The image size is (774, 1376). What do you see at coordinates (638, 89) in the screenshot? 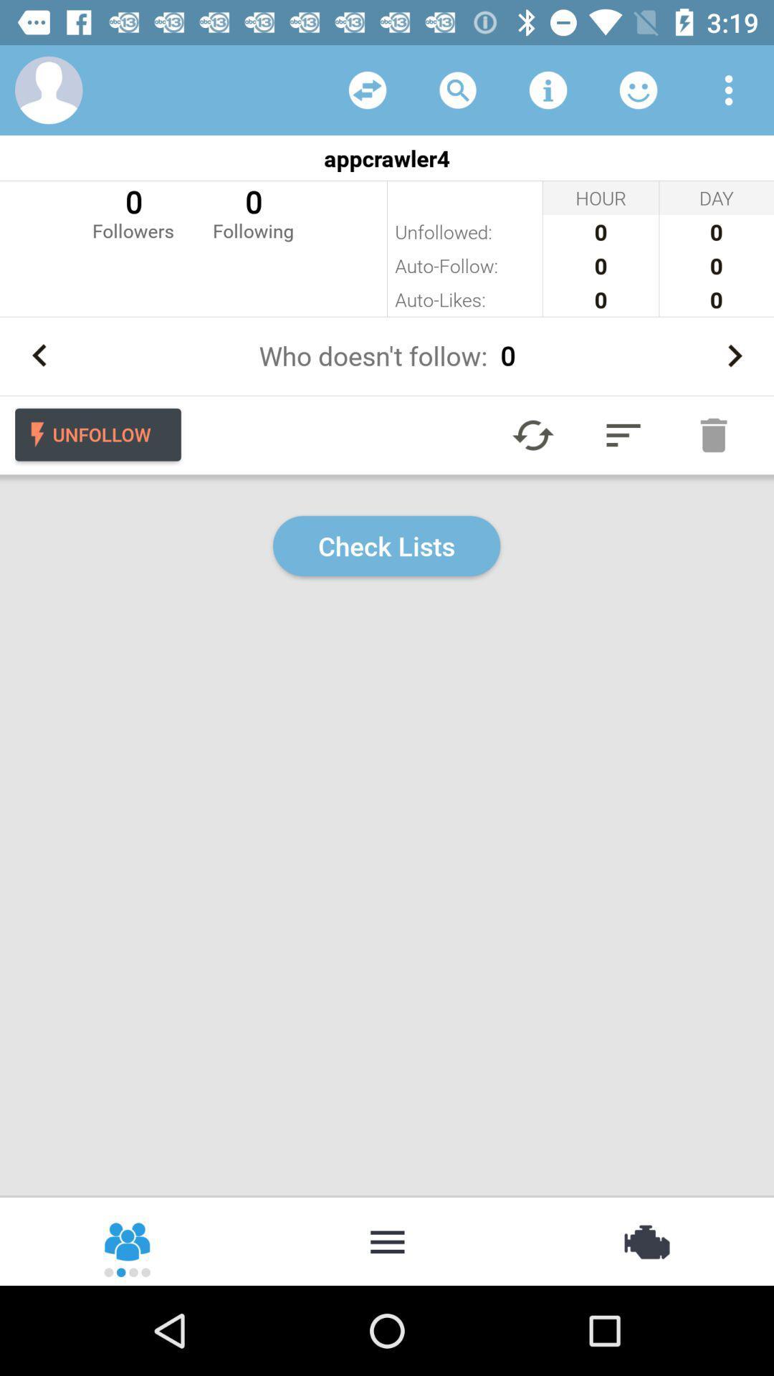
I see `rating` at bounding box center [638, 89].